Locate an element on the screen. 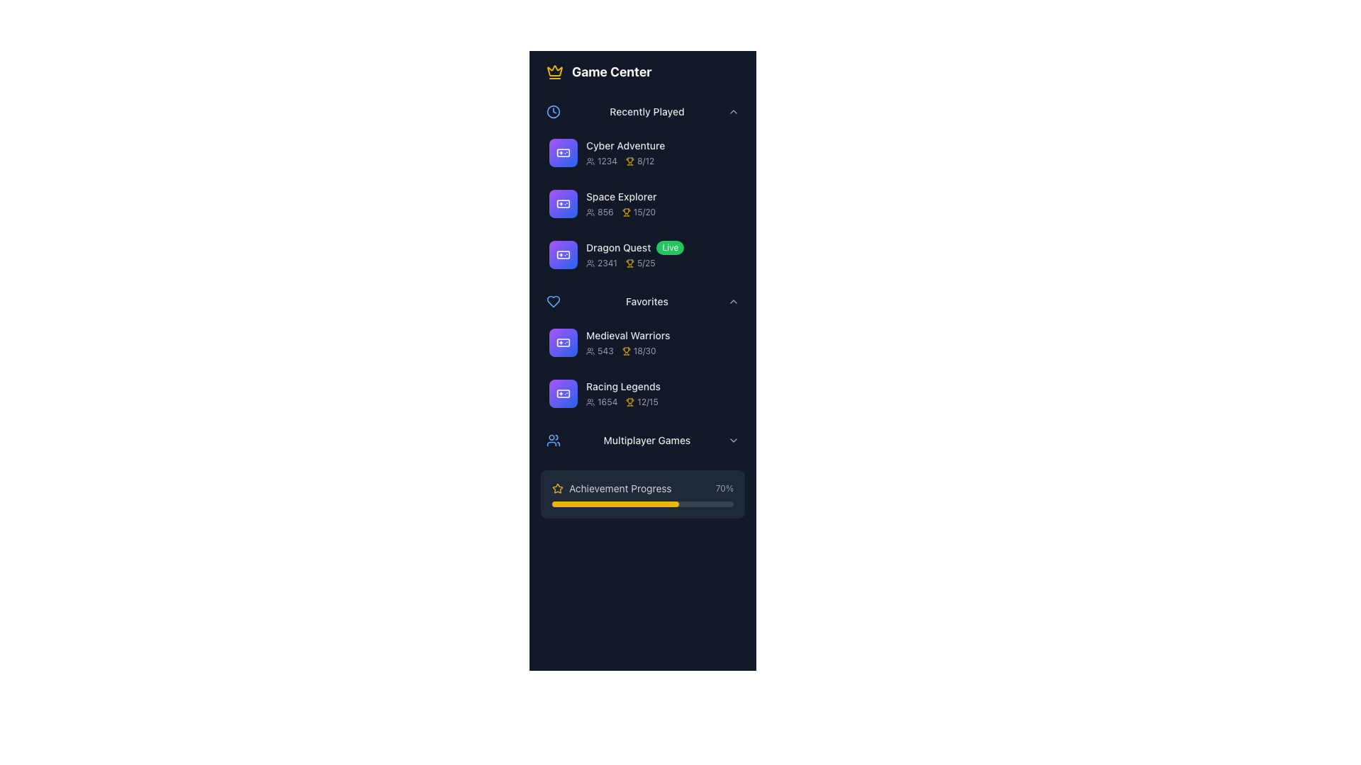  the small gray text label displaying '12/15' associated with the 'Racing Legends' game entry, positioned to the right of a yellow trophy icon in the 'Favorites' section is located at coordinates (647, 402).